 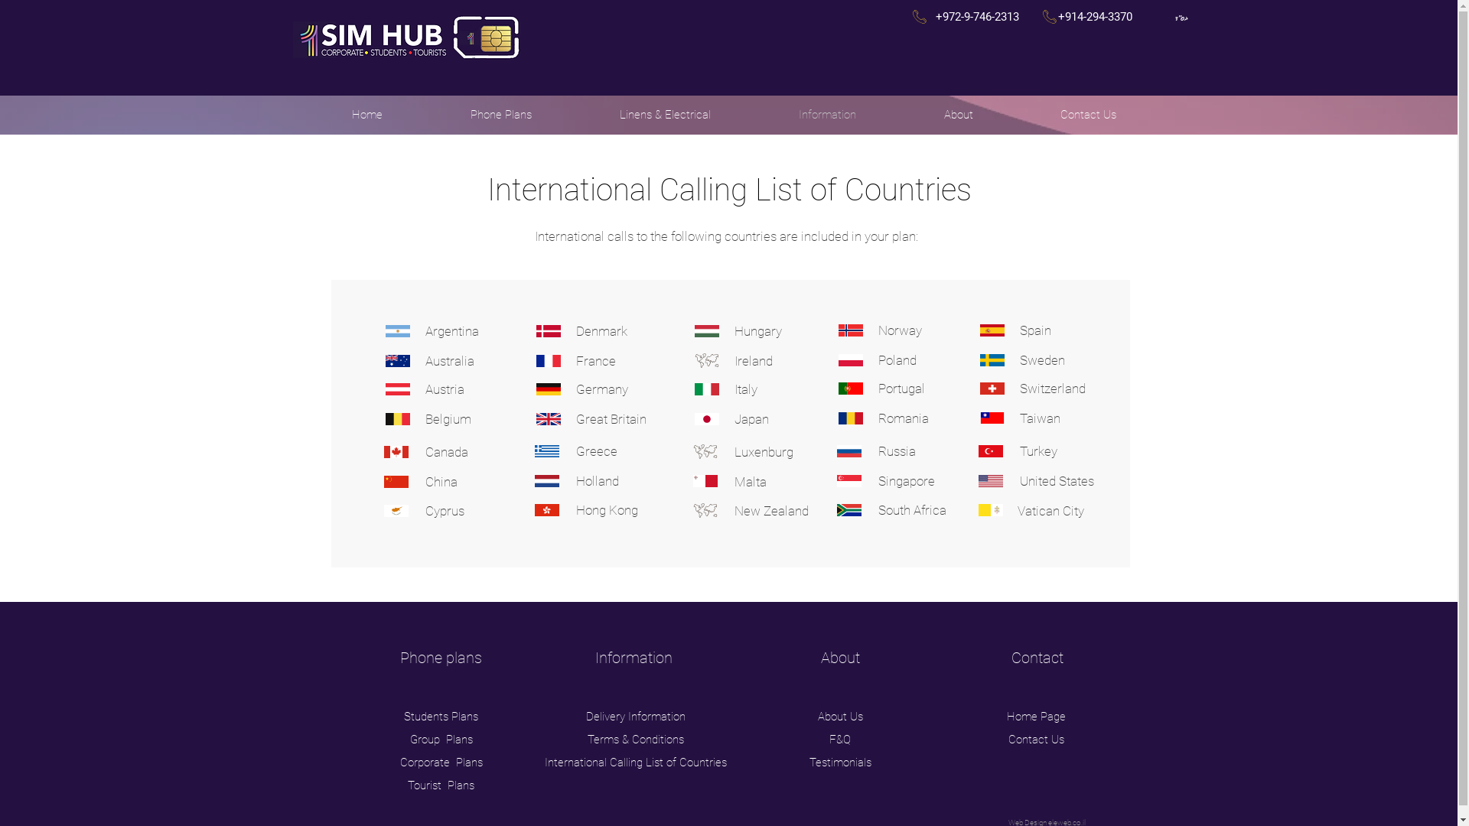 What do you see at coordinates (839, 739) in the screenshot?
I see `'F&Q'` at bounding box center [839, 739].